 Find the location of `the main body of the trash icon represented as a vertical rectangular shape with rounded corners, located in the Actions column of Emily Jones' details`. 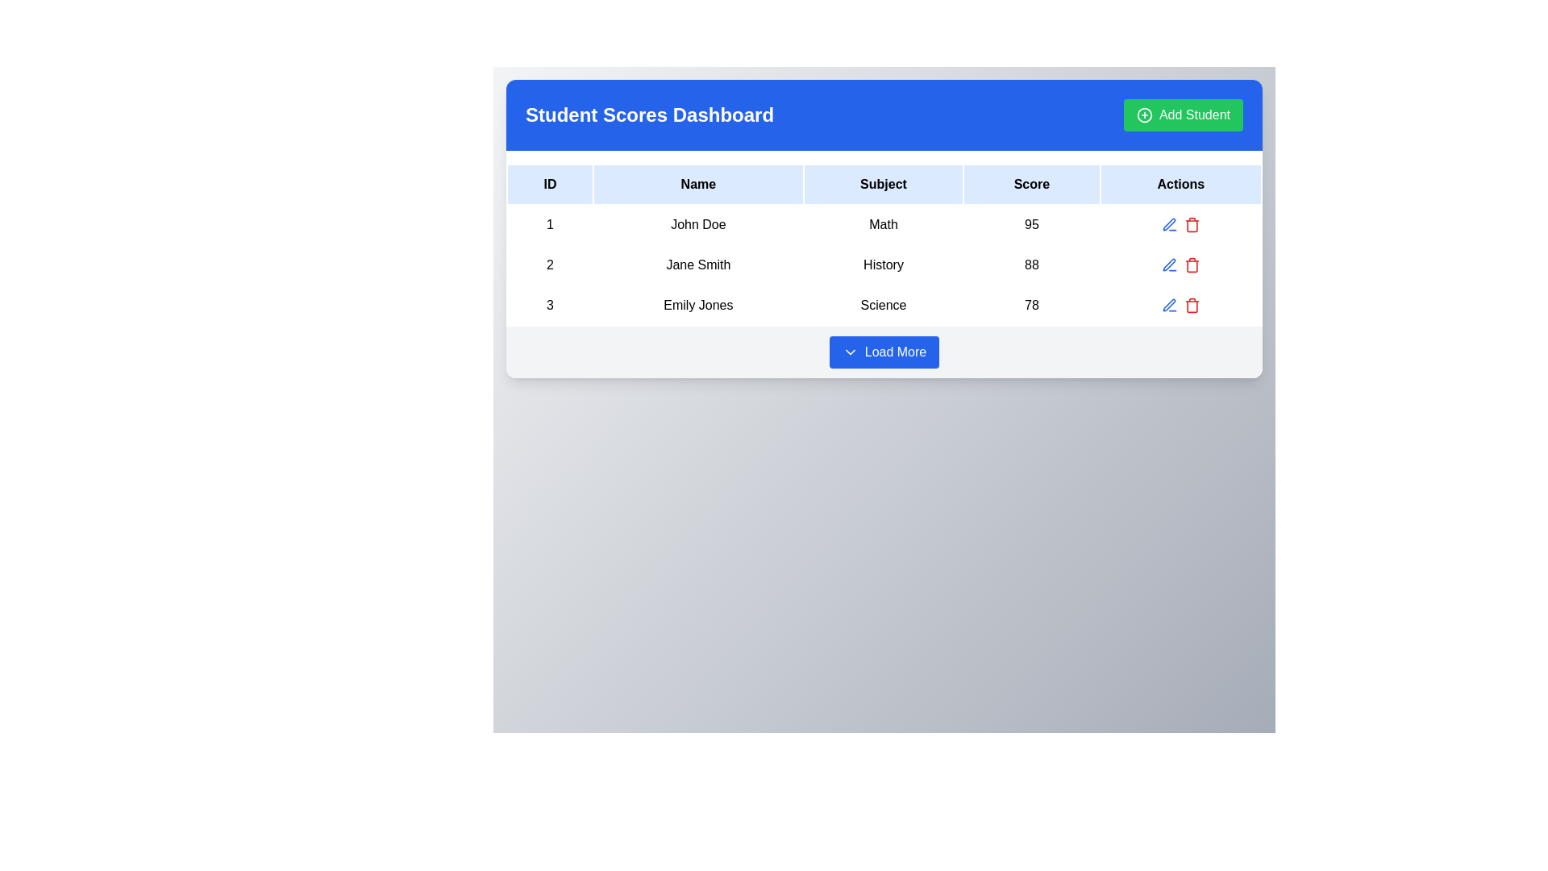

the main body of the trash icon represented as a vertical rectangular shape with rounded corners, located in the Actions column of Emily Jones' details is located at coordinates (1192, 306).